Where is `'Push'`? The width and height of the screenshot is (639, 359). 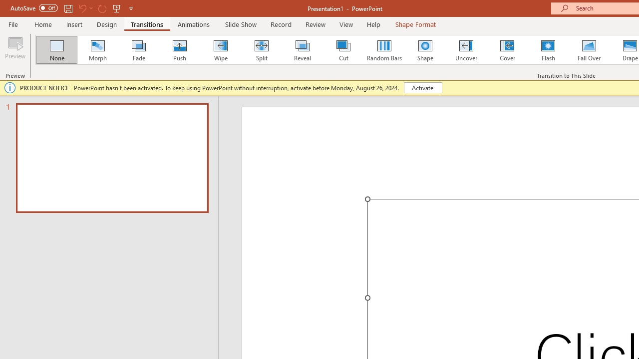 'Push' is located at coordinates (179, 50).